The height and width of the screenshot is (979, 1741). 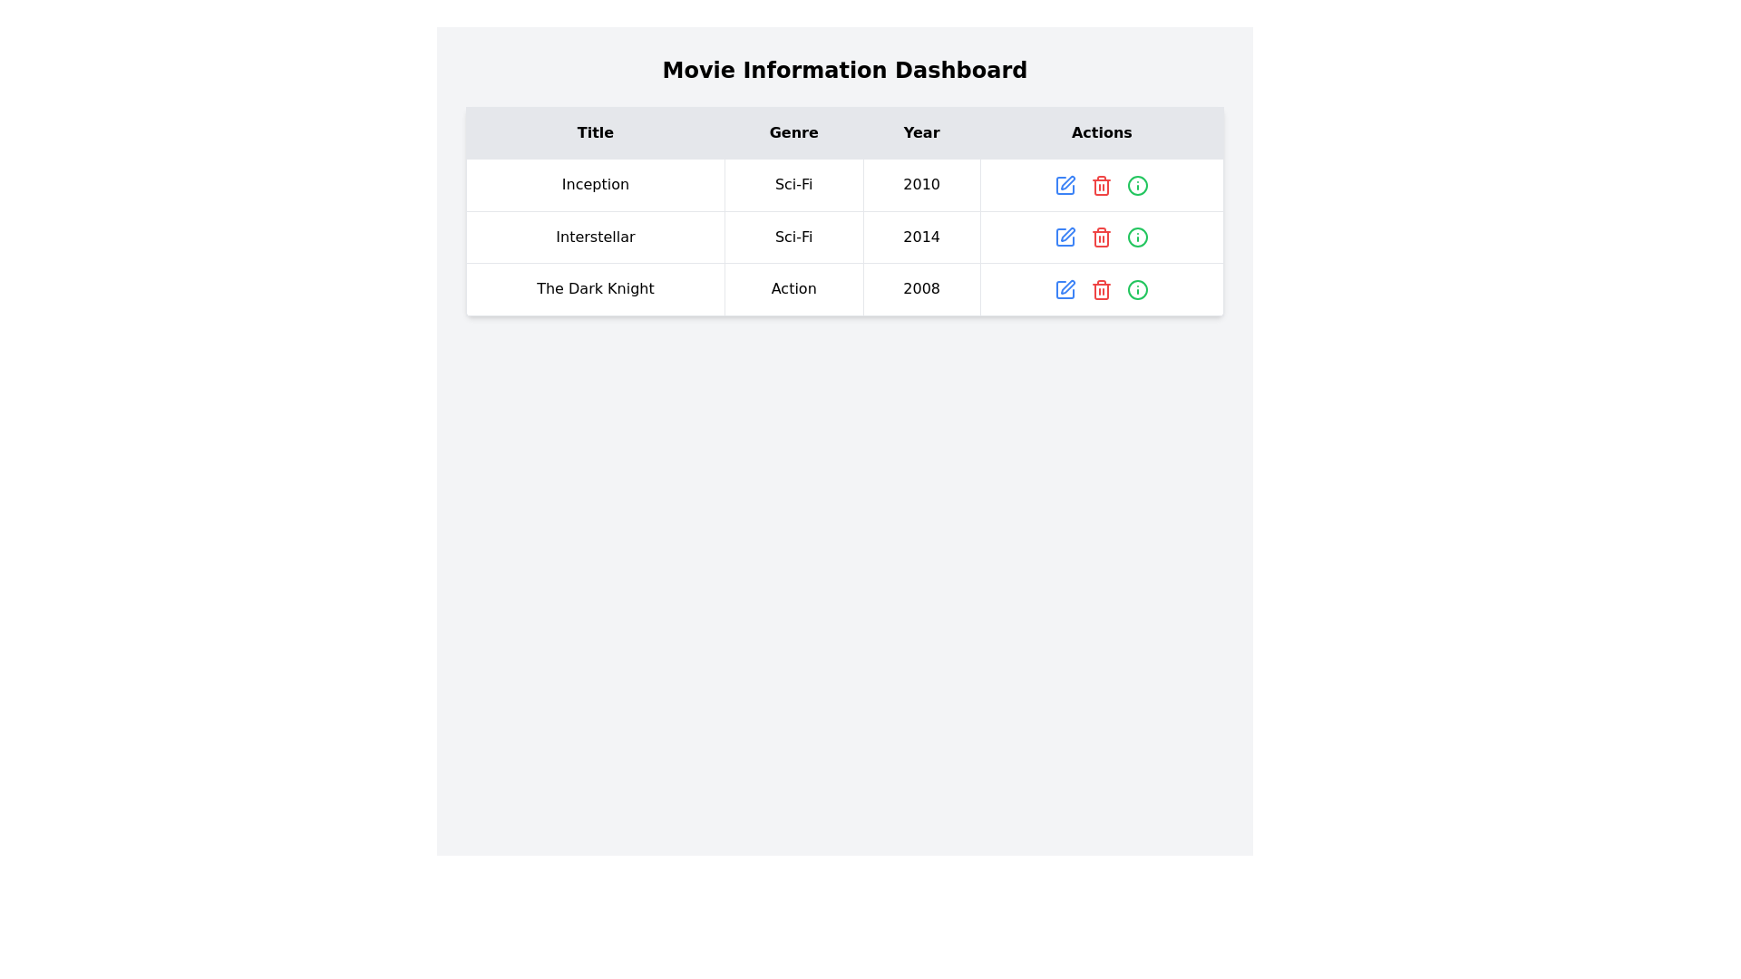 I want to click on the second row in the movie details table, so click(x=843, y=236).